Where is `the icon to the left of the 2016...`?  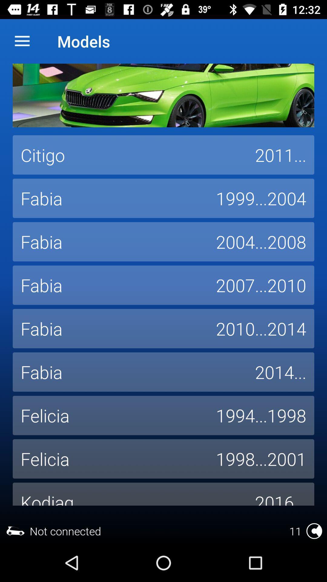 the icon to the left of the 2016... is located at coordinates (129, 494).